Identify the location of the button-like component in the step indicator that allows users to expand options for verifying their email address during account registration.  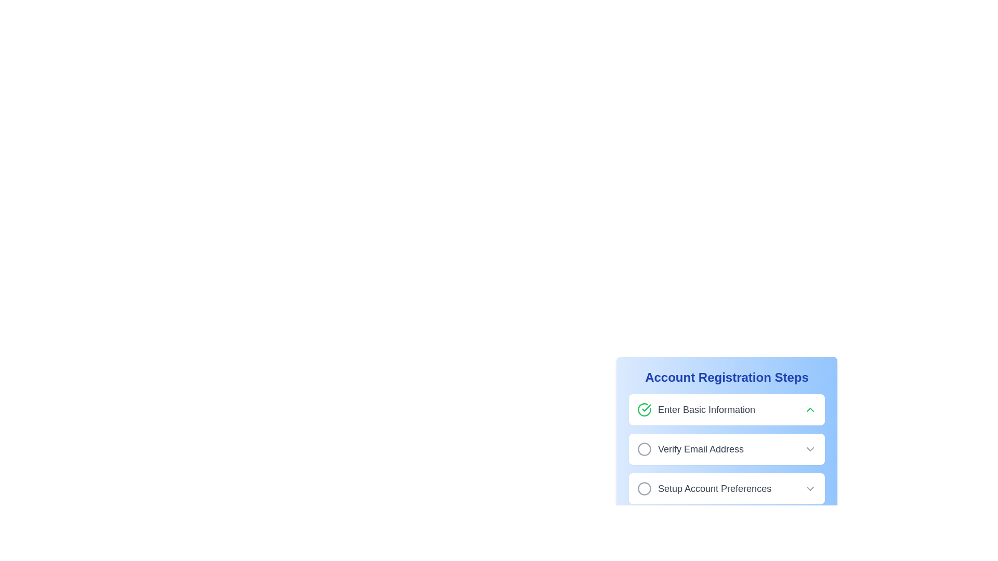
(726, 448).